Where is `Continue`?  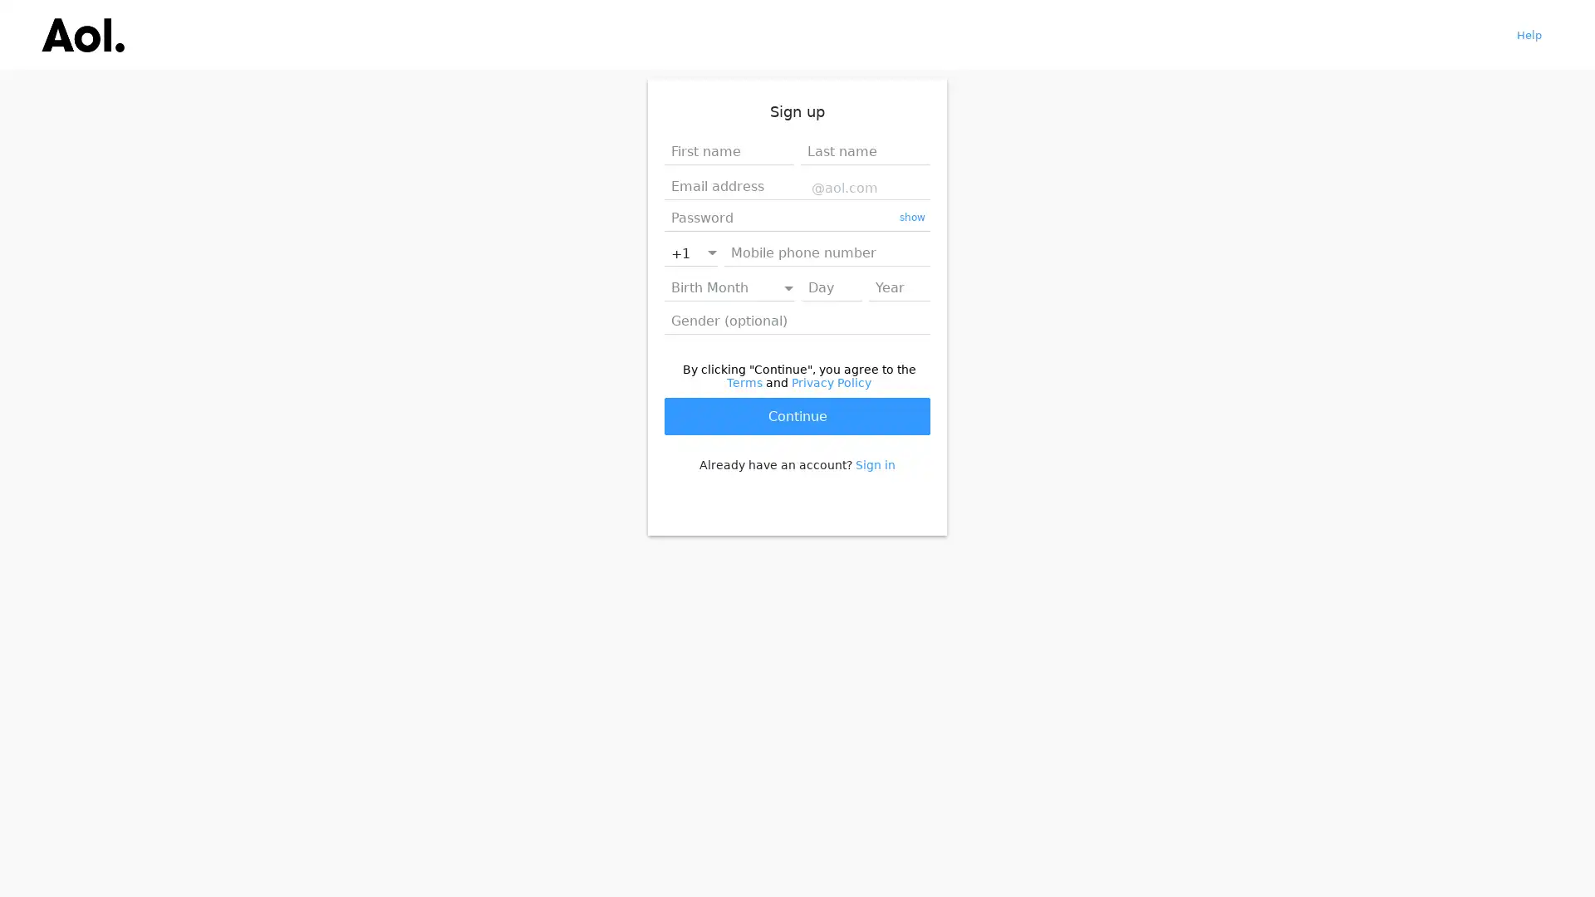 Continue is located at coordinates (797, 415).